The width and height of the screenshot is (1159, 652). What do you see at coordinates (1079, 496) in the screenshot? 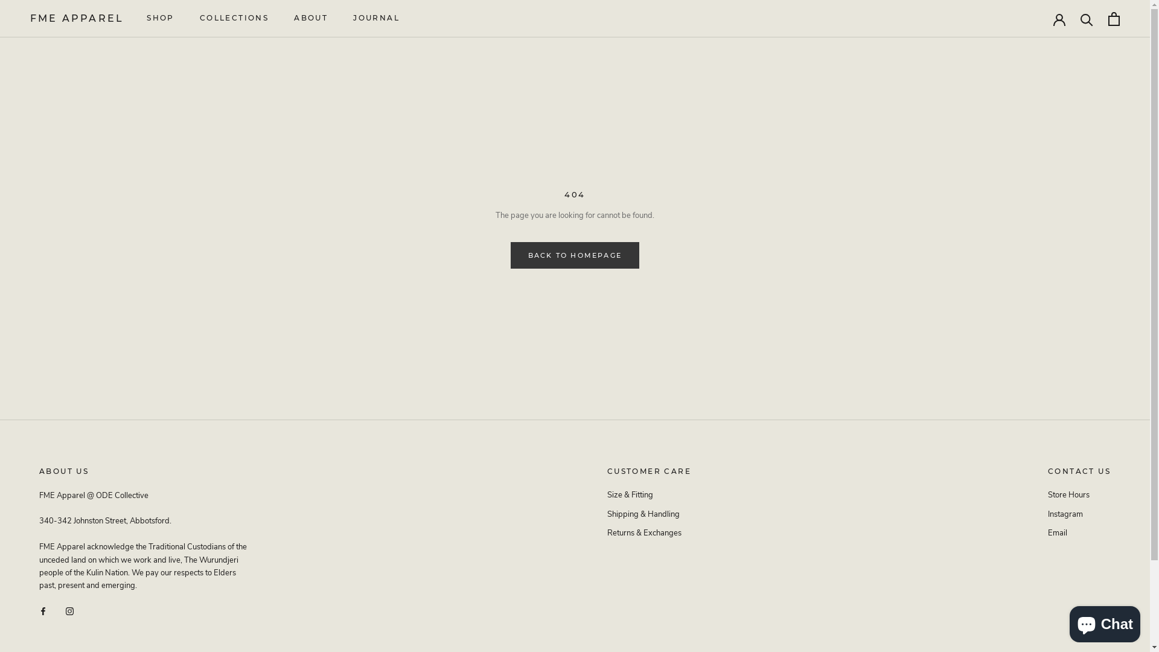
I see `'Store Hours'` at bounding box center [1079, 496].